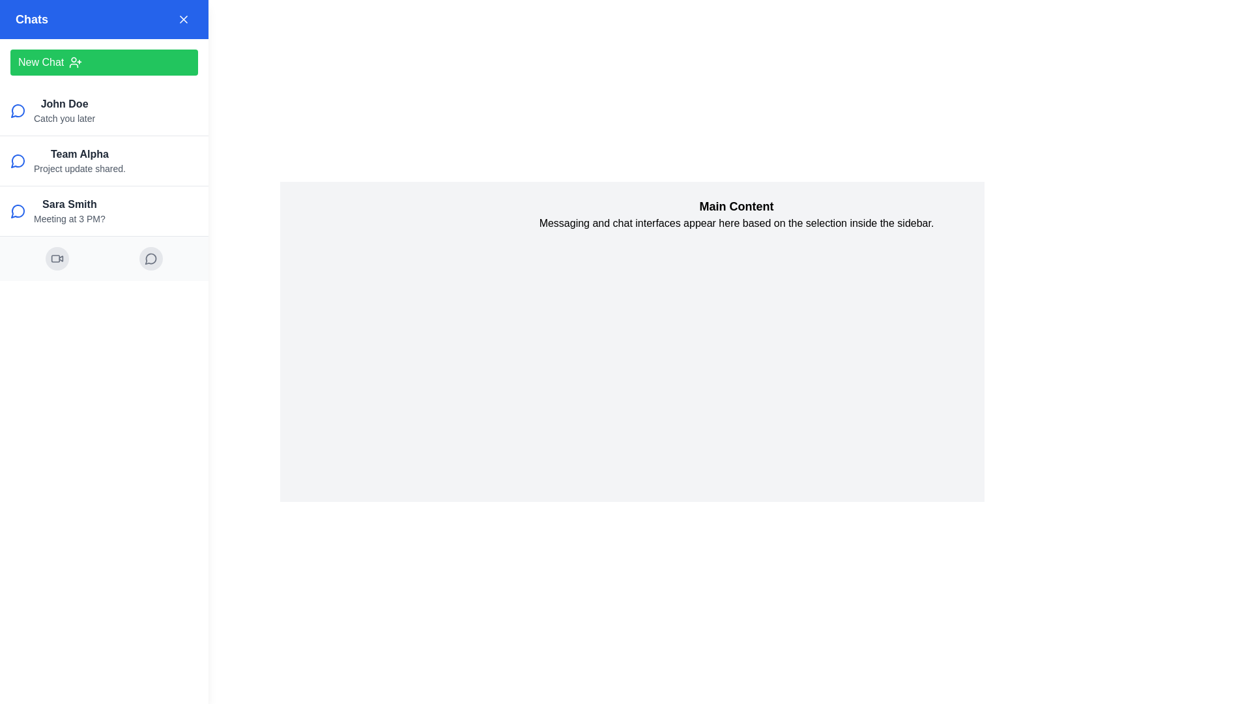 The height and width of the screenshot is (704, 1251). Describe the element at coordinates (103, 211) in the screenshot. I see `the conversation preview for 'Sara Smith'` at that location.